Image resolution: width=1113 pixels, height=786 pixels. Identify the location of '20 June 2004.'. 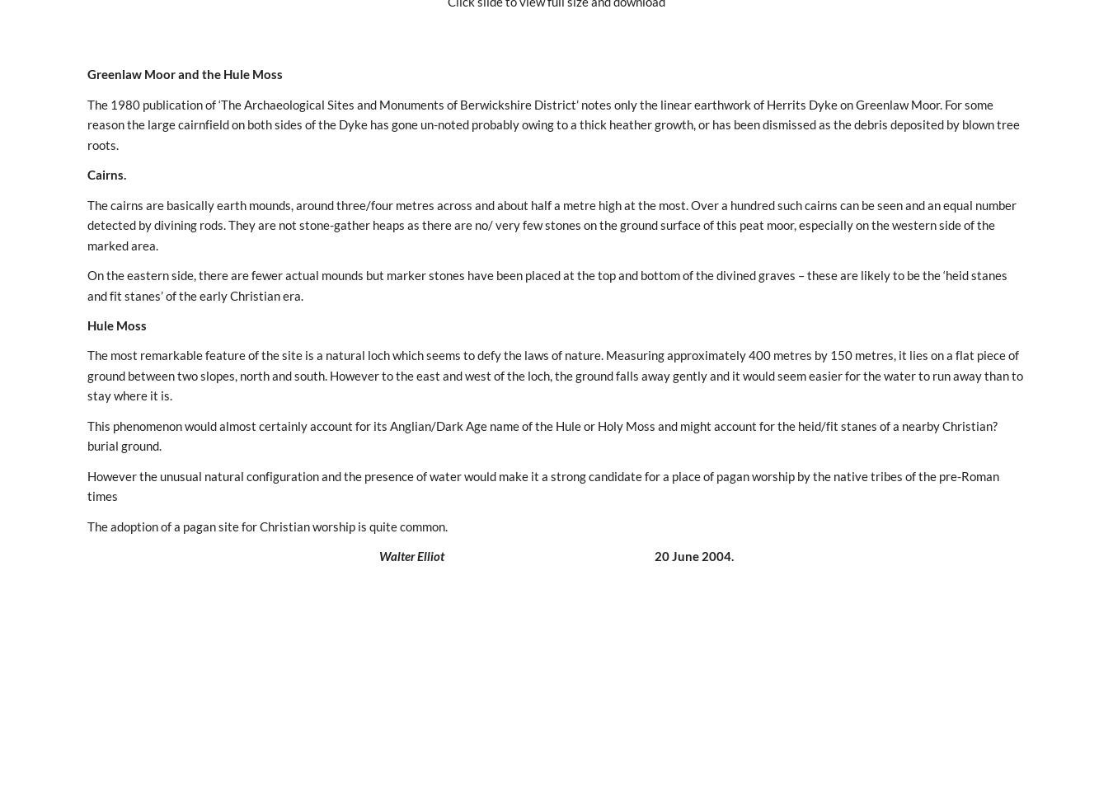
(448, 555).